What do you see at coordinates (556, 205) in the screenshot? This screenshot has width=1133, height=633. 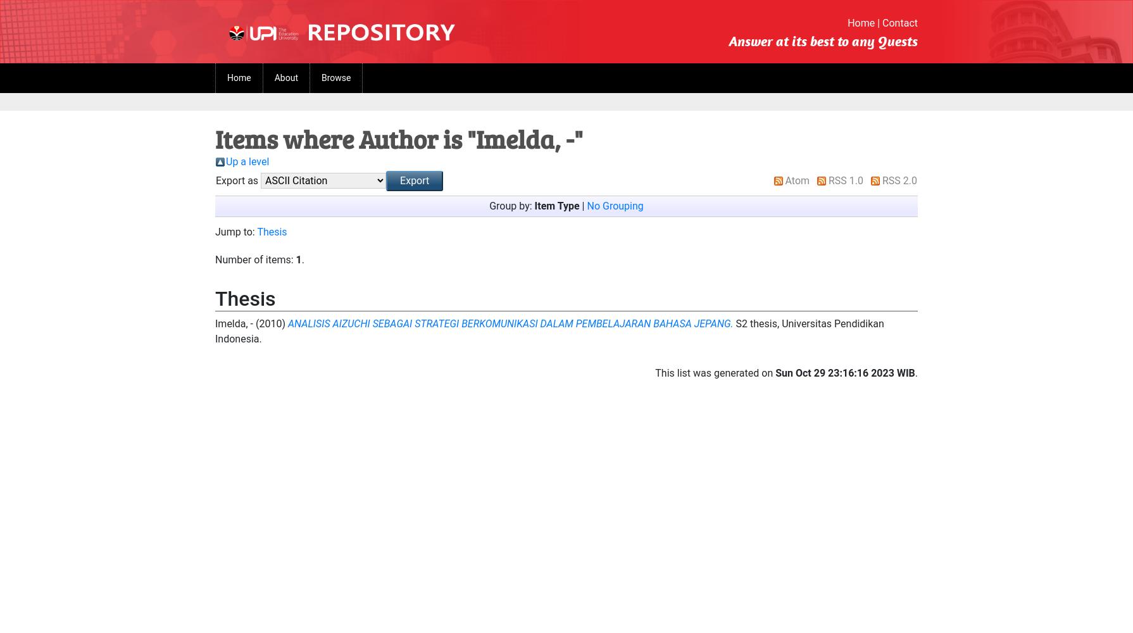 I see `'Item Type'` at bounding box center [556, 205].